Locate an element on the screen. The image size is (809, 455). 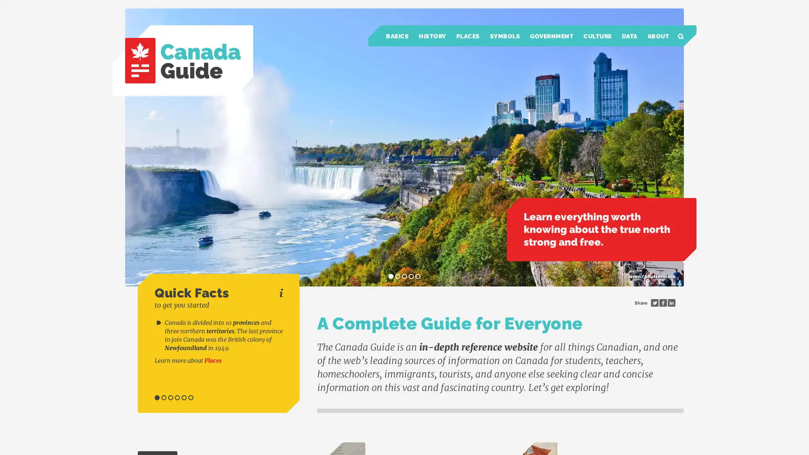
Go to slide 6 is located at coordinates (190, 398).